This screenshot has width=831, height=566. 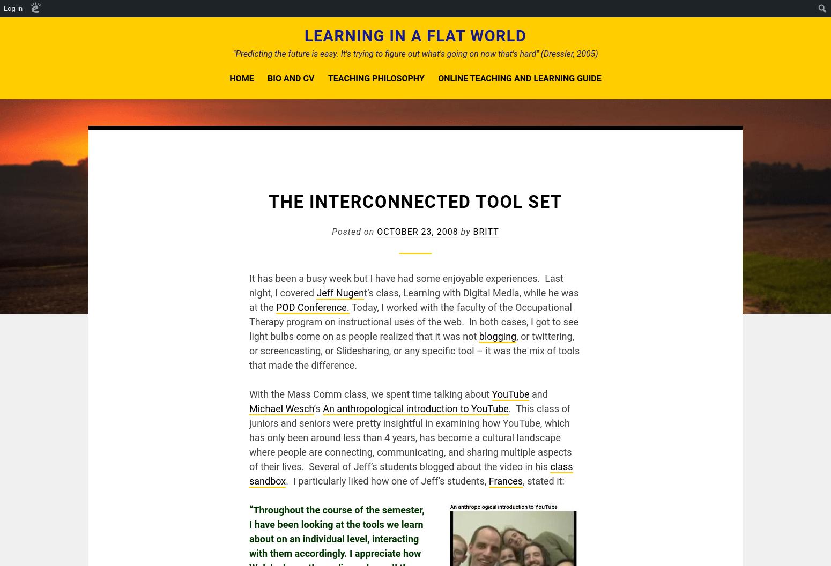 What do you see at coordinates (411, 473) in the screenshot?
I see `'class sandbox'` at bounding box center [411, 473].